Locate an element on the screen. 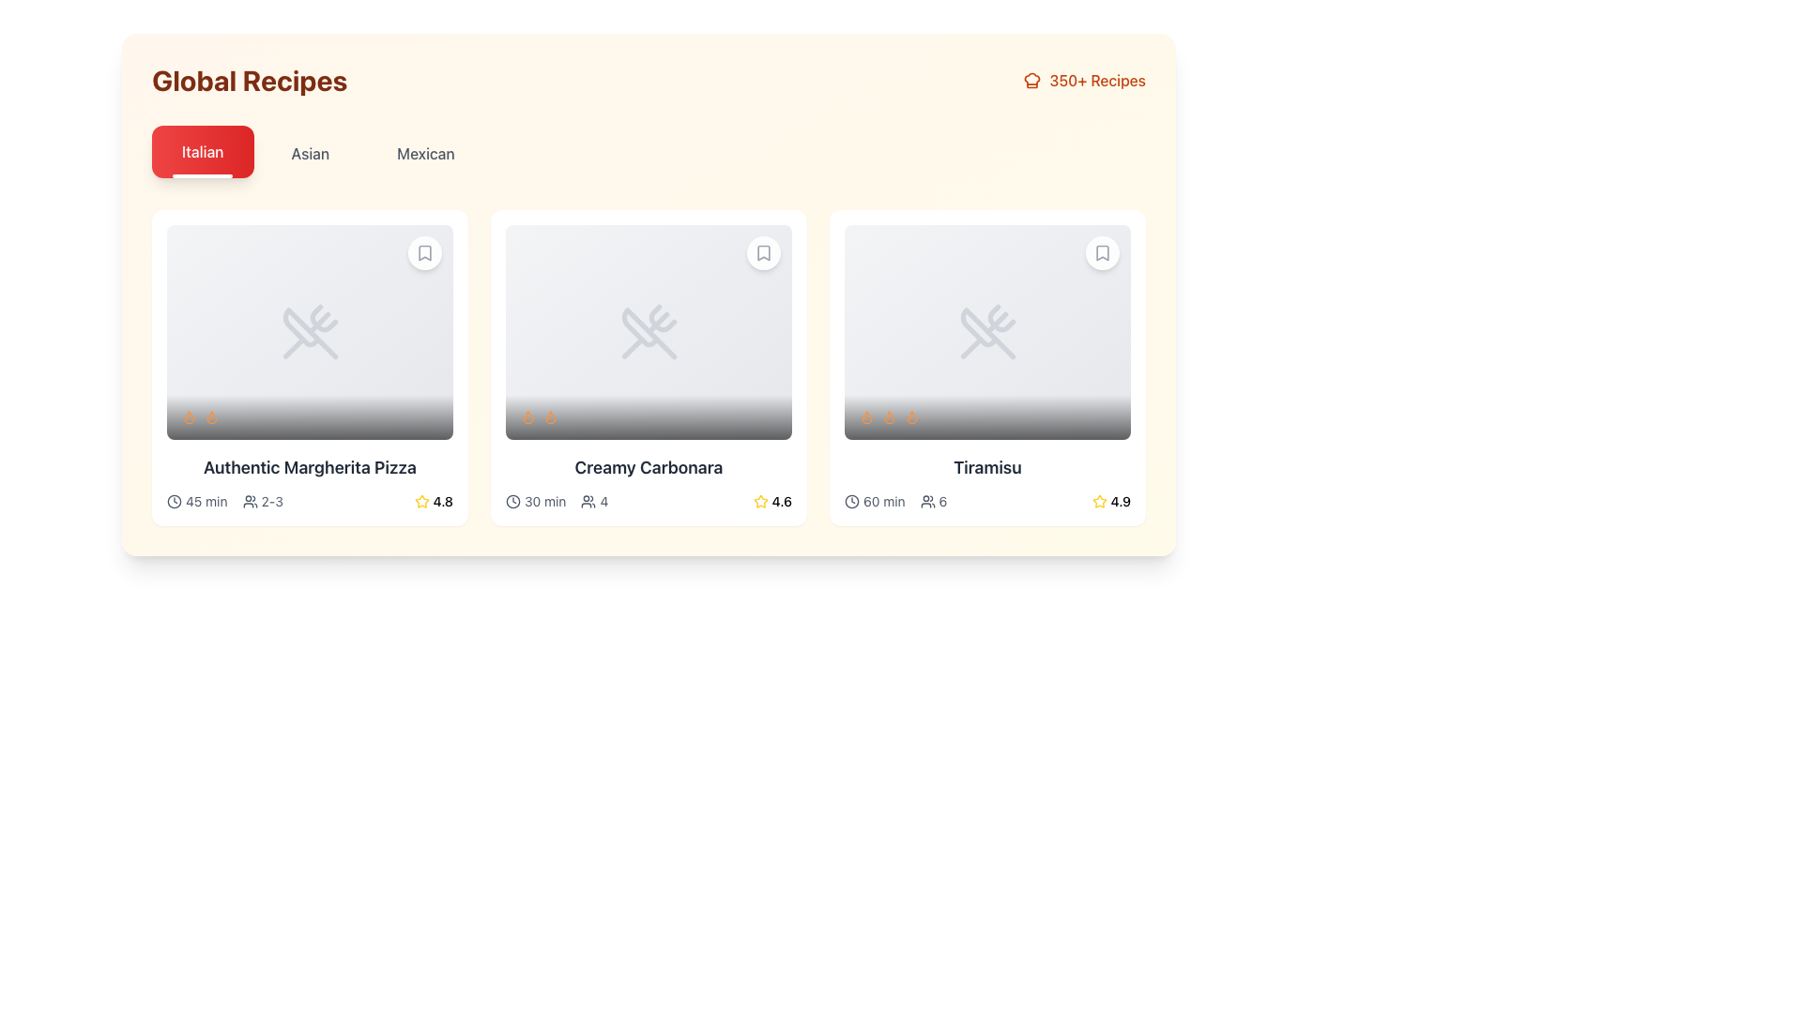 Image resolution: width=1802 pixels, height=1013 pixels. the bookmark button located in the top-right section of the 'Authentic Margherita Pizza' card to bookmark the item is located at coordinates (423, 253).